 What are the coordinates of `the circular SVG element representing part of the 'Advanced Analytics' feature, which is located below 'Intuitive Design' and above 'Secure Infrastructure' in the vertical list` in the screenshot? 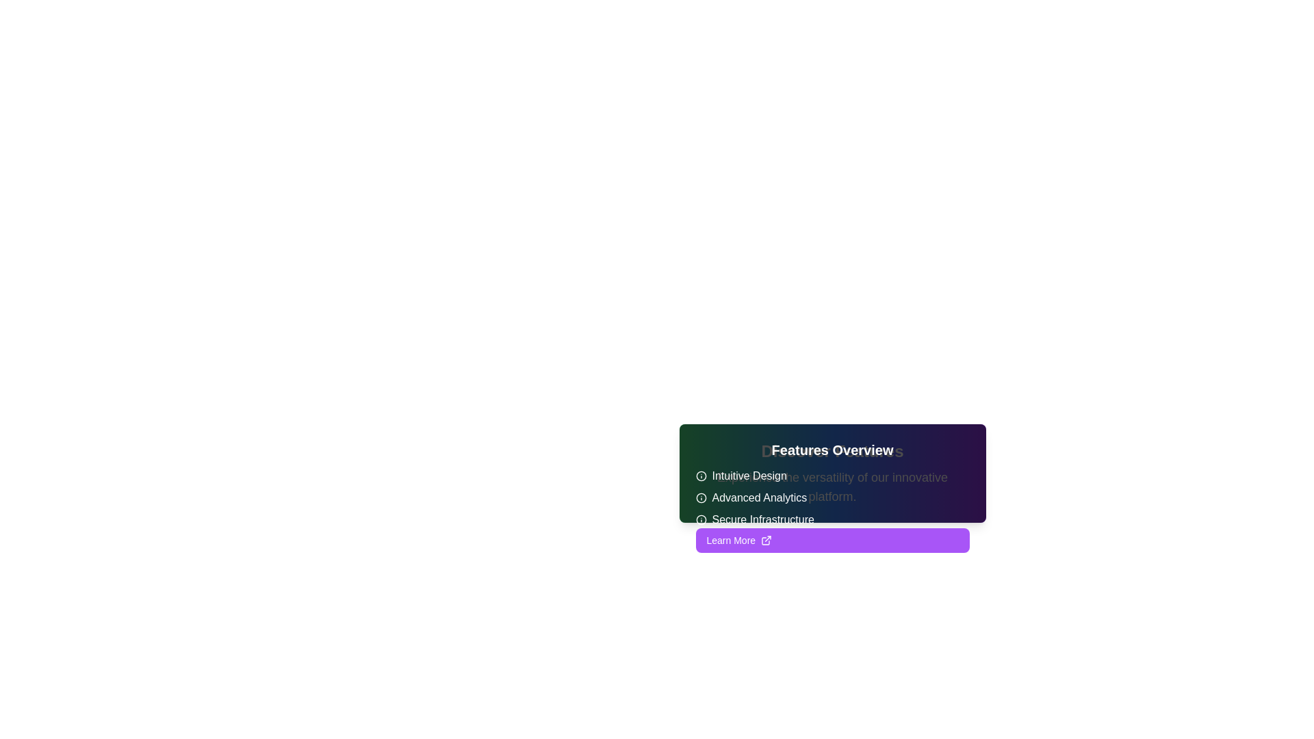 It's located at (701, 498).